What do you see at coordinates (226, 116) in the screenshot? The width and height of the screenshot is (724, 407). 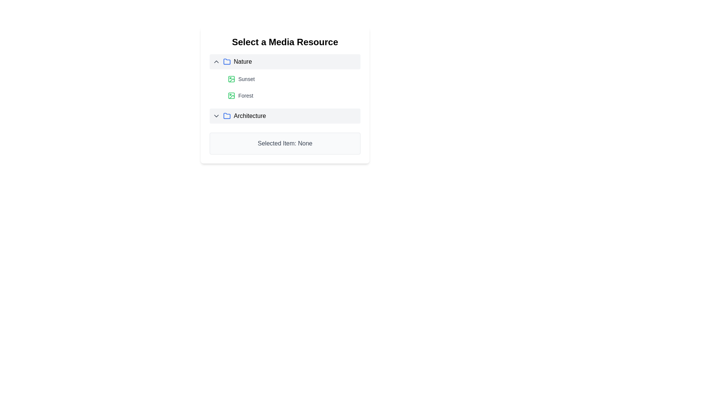 I see `the folder icon representing the 'Architecture' category in the media resource selection panel` at bounding box center [226, 116].